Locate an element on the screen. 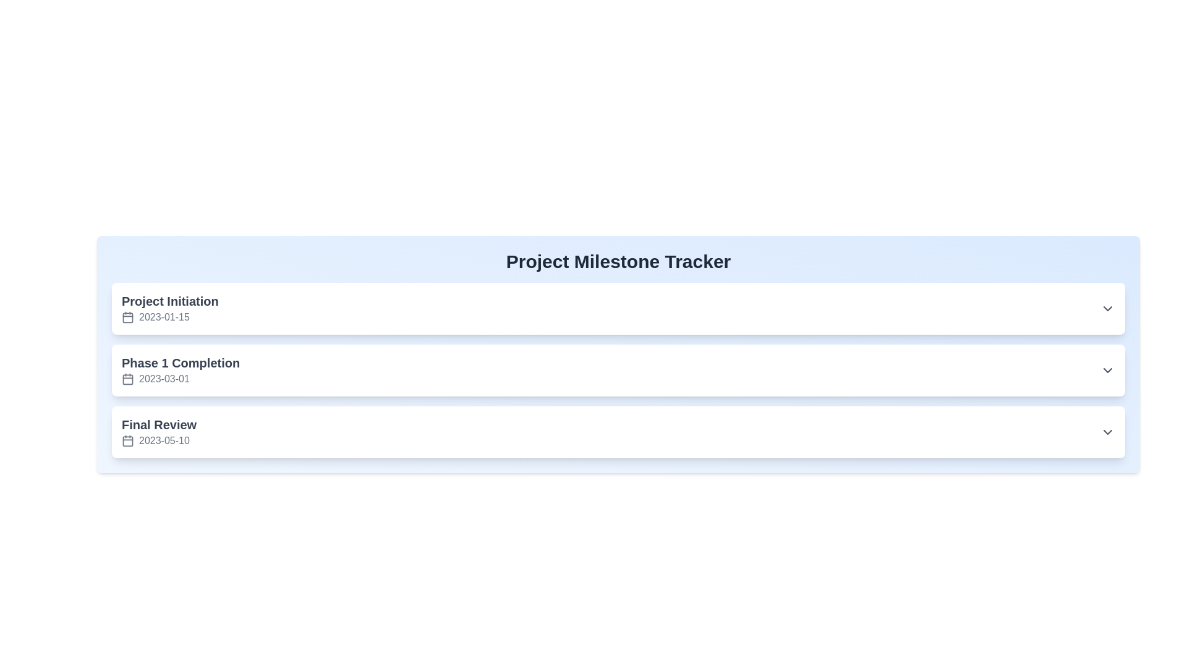  the downward-pointing chevron icon, which is styled with a gray color and located at the far right of the 'Final Review' entry line, adjacent to the '2023-05-10' date text is located at coordinates (1107, 431).